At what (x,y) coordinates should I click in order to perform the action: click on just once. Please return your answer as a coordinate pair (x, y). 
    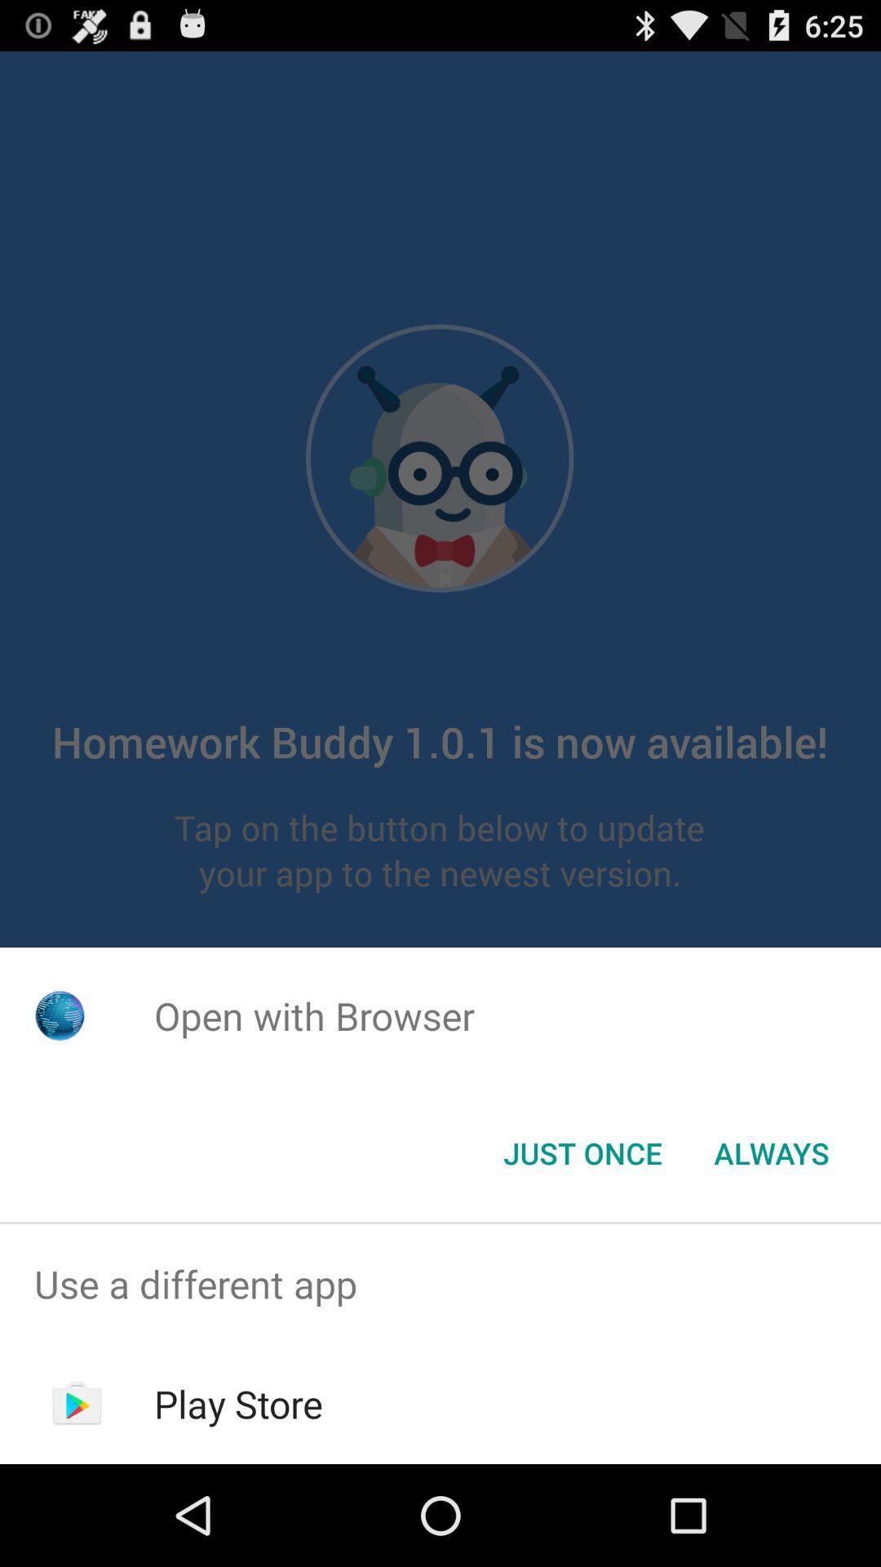
    Looking at the image, I should click on (582, 1152).